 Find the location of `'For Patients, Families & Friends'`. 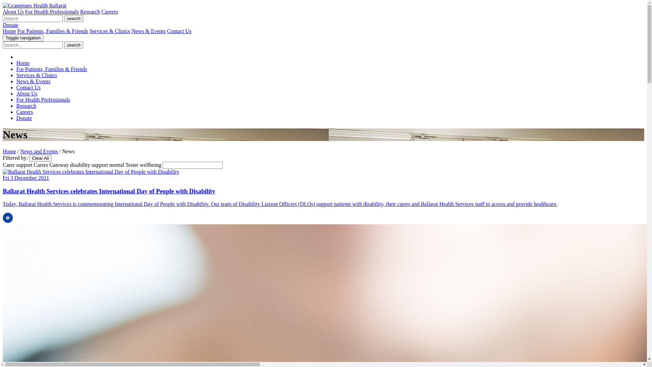

'For Patients, Families & Friends' is located at coordinates (51, 69).